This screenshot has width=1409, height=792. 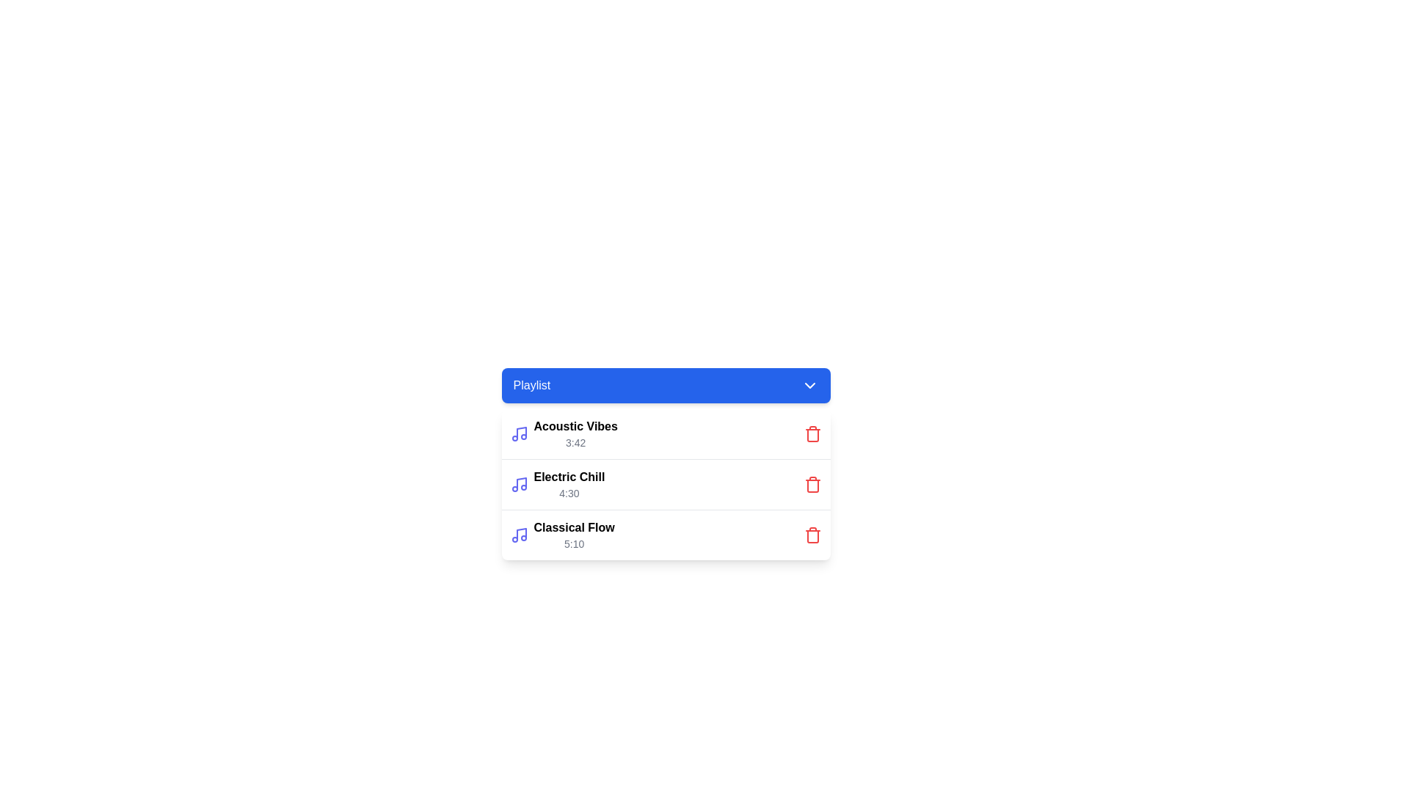 What do you see at coordinates (812, 535) in the screenshot?
I see `the delete button located at the far-right end of the row representing the song 'Classical Flow 5:10' in the playlist` at bounding box center [812, 535].